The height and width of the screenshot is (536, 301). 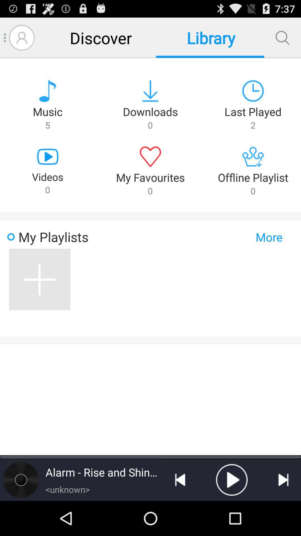 What do you see at coordinates (5, 37) in the screenshot?
I see `open menu` at bounding box center [5, 37].